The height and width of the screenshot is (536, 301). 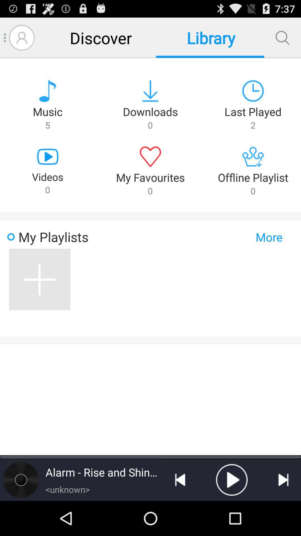 What do you see at coordinates (5, 37) in the screenshot?
I see `open menu` at bounding box center [5, 37].